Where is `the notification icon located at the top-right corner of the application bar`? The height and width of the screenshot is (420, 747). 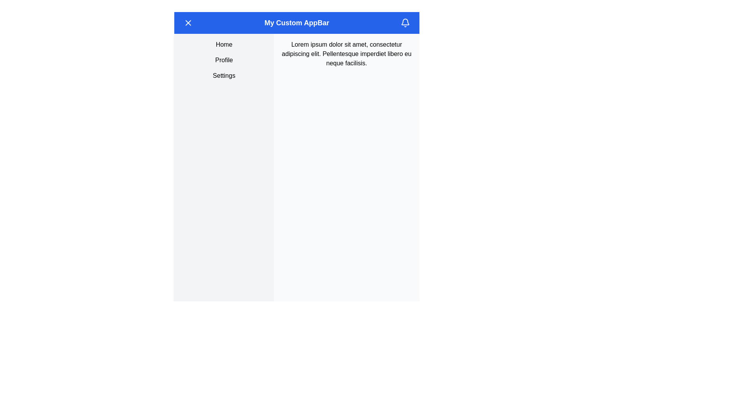
the notification icon located at the top-right corner of the application bar is located at coordinates (405, 22).